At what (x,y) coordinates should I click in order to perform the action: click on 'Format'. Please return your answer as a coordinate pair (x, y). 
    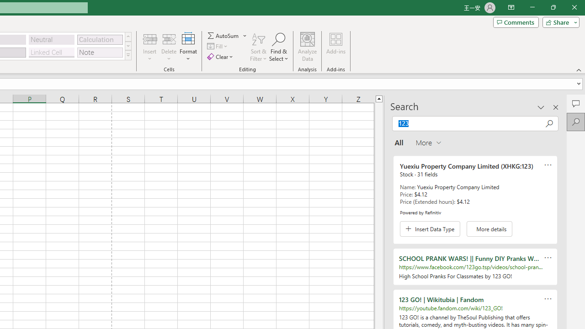
    Looking at the image, I should click on (188, 47).